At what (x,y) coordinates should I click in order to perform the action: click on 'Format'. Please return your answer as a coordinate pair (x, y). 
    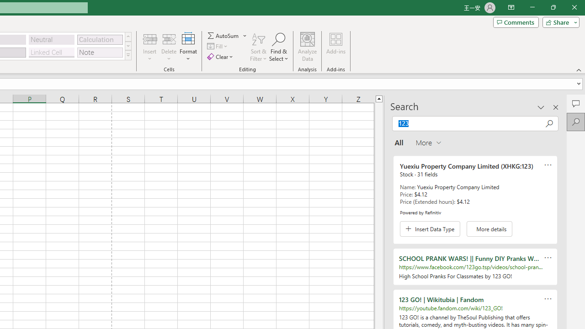
    Looking at the image, I should click on (188, 47).